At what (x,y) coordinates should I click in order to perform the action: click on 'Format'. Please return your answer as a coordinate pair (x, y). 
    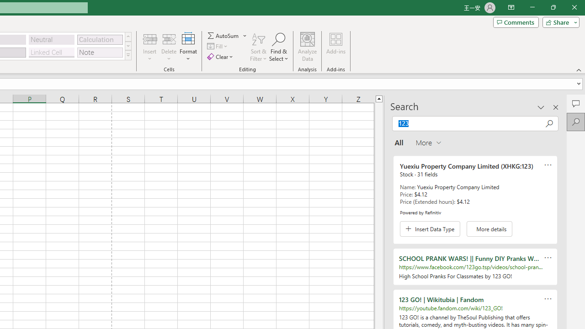
    Looking at the image, I should click on (188, 47).